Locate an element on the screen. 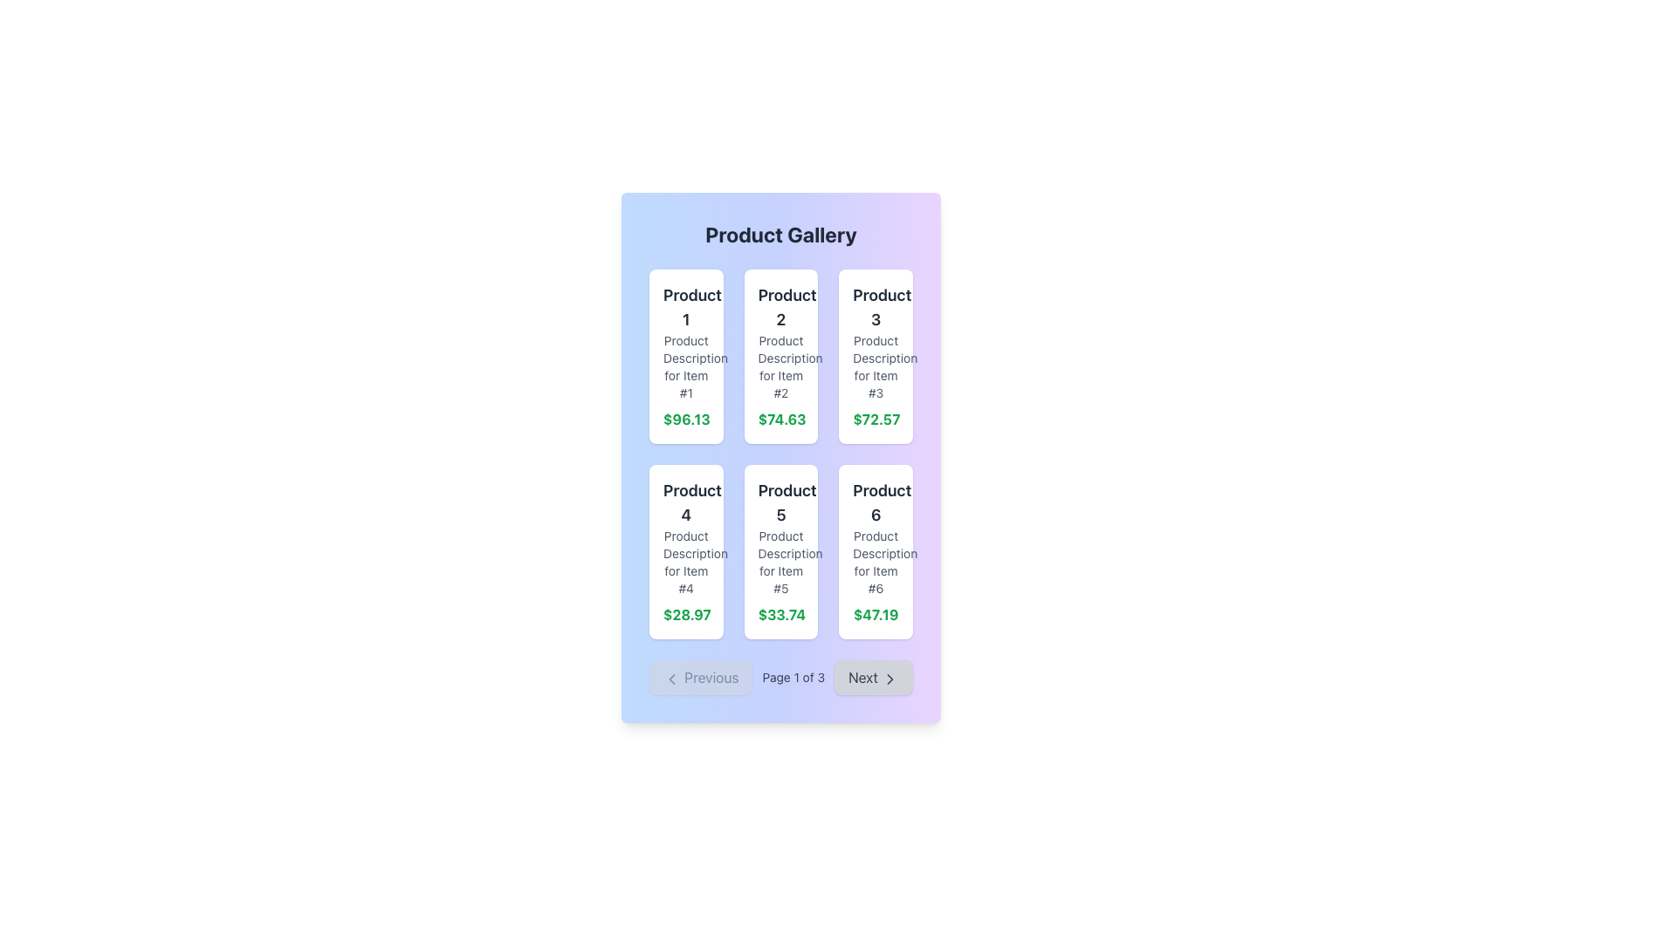 This screenshot has height=942, width=1676. the product card displaying the name, description, and price, which is the second item in the first row of a grid layout is located at coordinates (780, 355).